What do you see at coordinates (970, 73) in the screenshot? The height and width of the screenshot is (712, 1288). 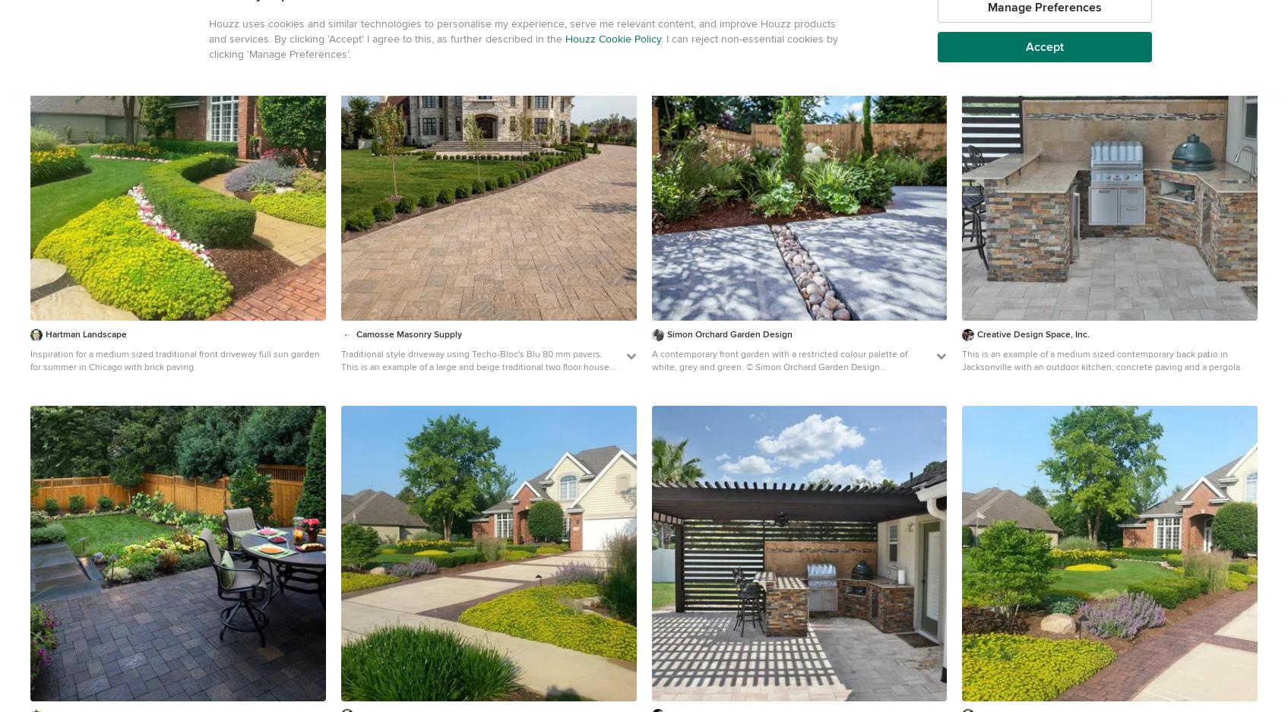 I see `'2023 Houzz Inc.'` at bounding box center [970, 73].